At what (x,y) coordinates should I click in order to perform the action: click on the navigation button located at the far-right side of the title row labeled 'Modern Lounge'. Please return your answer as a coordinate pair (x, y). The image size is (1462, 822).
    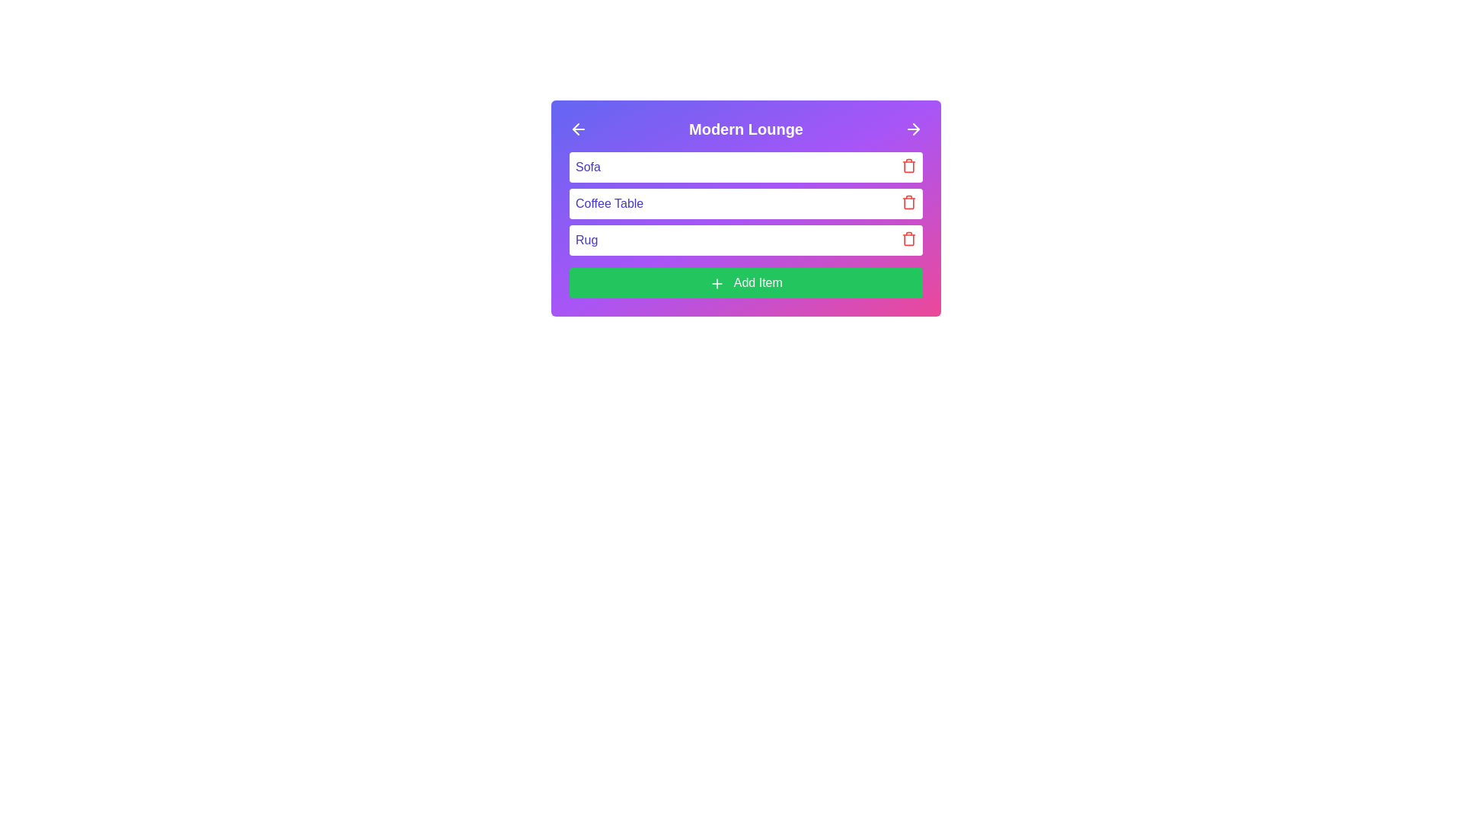
    Looking at the image, I should click on (914, 128).